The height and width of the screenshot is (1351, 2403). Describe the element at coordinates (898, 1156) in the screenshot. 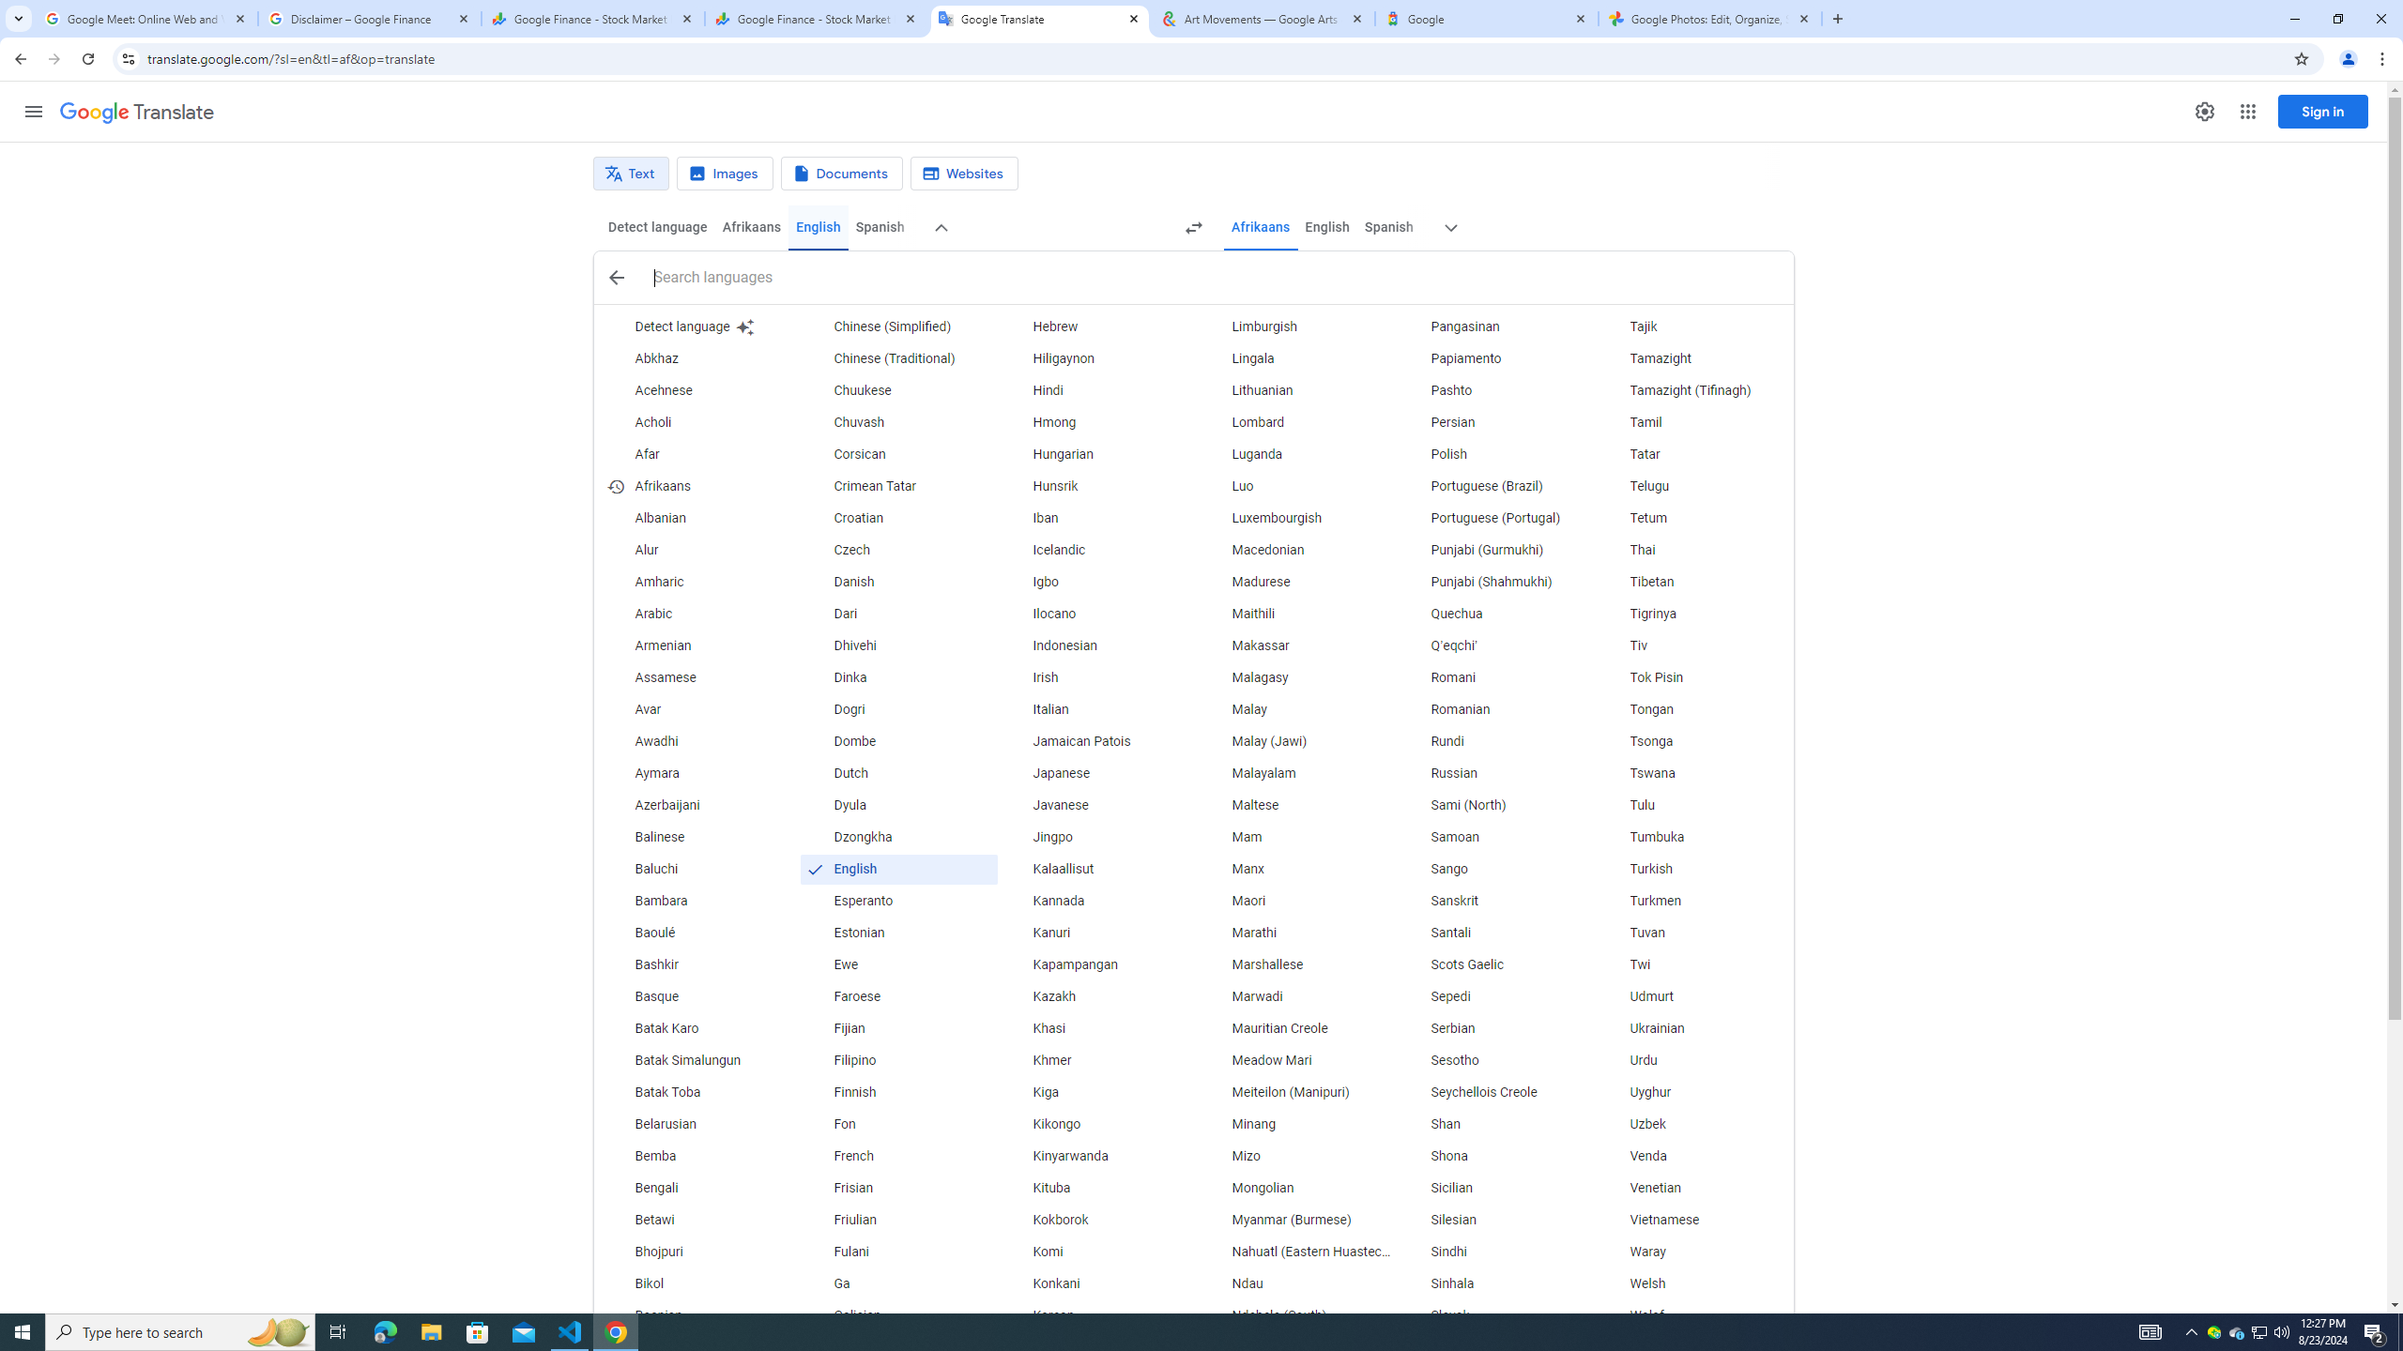

I see `'French'` at that location.